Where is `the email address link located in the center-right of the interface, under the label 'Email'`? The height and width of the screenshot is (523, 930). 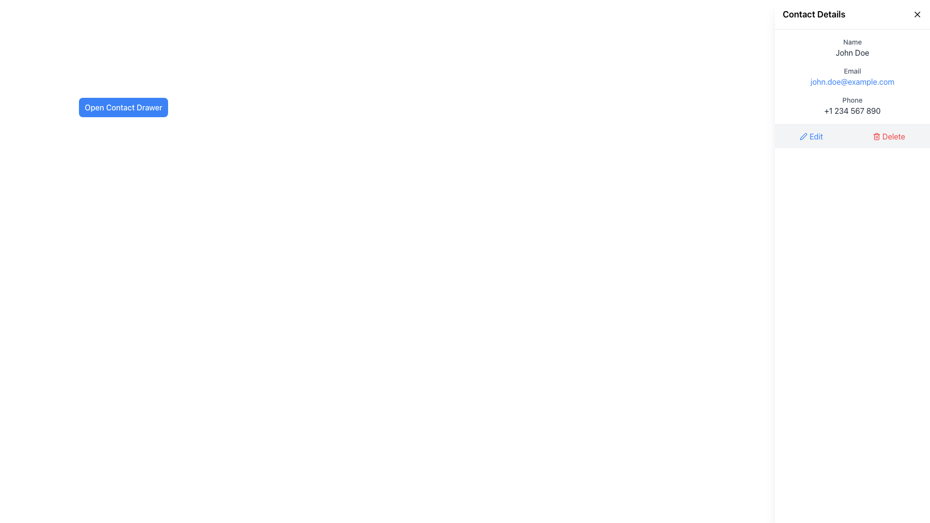
the email address link located in the center-right of the interface, under the label 'Email' is located at coordinates (852, 81).